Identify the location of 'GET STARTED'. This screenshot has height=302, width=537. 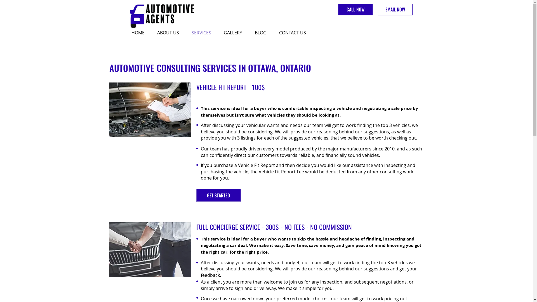
(218, 195).